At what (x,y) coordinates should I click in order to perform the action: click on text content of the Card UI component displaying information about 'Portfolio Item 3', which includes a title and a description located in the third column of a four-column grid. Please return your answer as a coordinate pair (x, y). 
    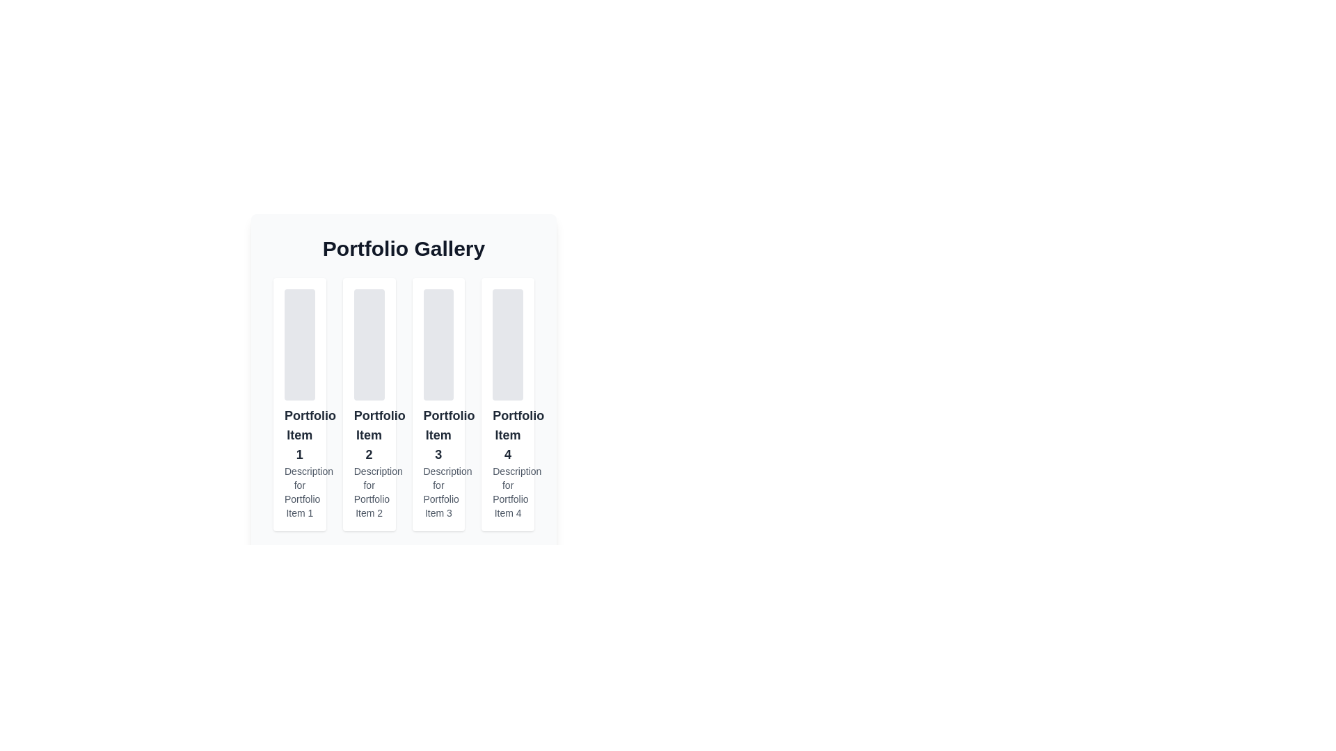
    Looking at the image, I should click on (438, 405).